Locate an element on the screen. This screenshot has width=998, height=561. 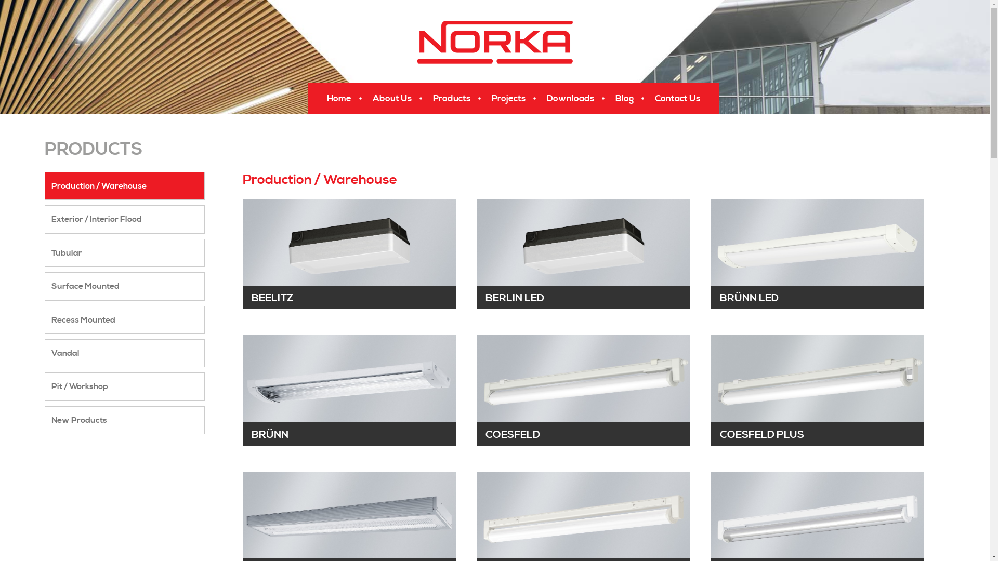
'Contact Us' is located at coordinates (679, 98).